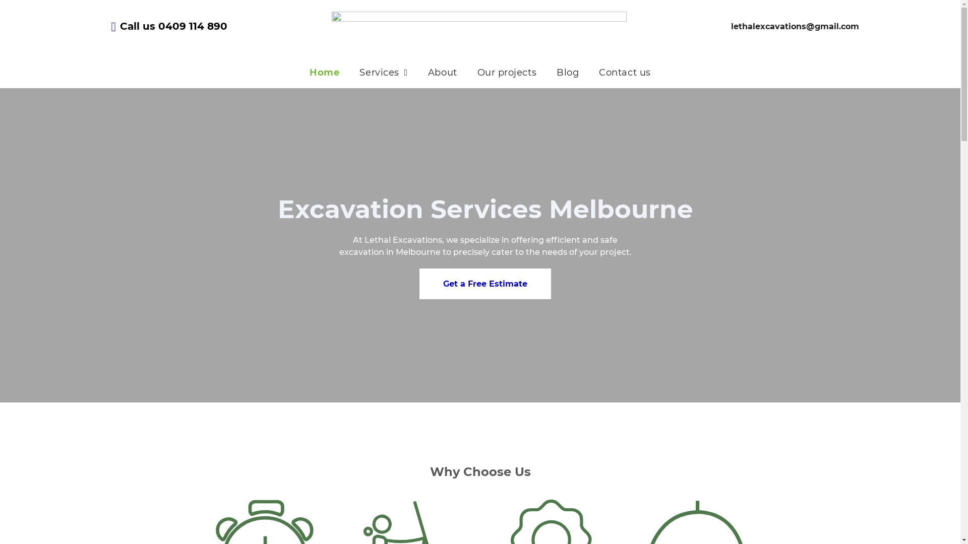 This screenshot has width=968, height=544. What do you see at coordinates (624, 72) in the screenshot?
I see `'Contact us'` at bounding box center [624, 72].